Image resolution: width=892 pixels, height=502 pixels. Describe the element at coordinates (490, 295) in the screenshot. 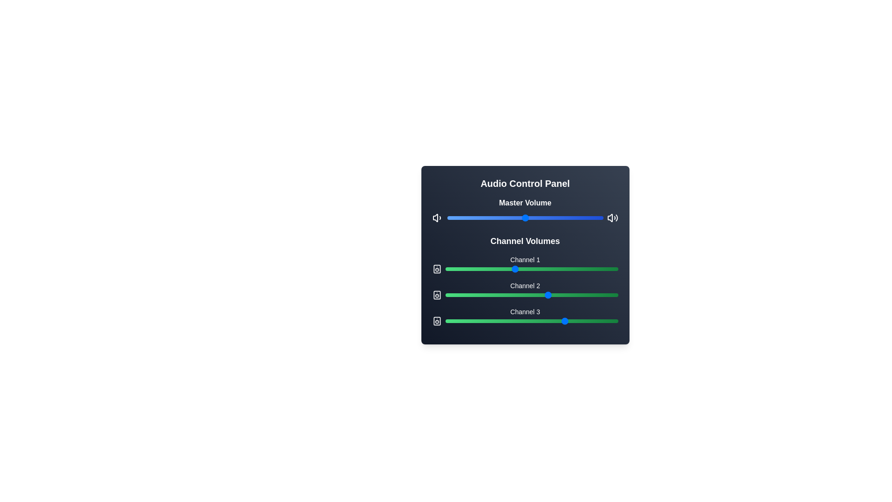

I see `the volume of Channel 2` at that location.